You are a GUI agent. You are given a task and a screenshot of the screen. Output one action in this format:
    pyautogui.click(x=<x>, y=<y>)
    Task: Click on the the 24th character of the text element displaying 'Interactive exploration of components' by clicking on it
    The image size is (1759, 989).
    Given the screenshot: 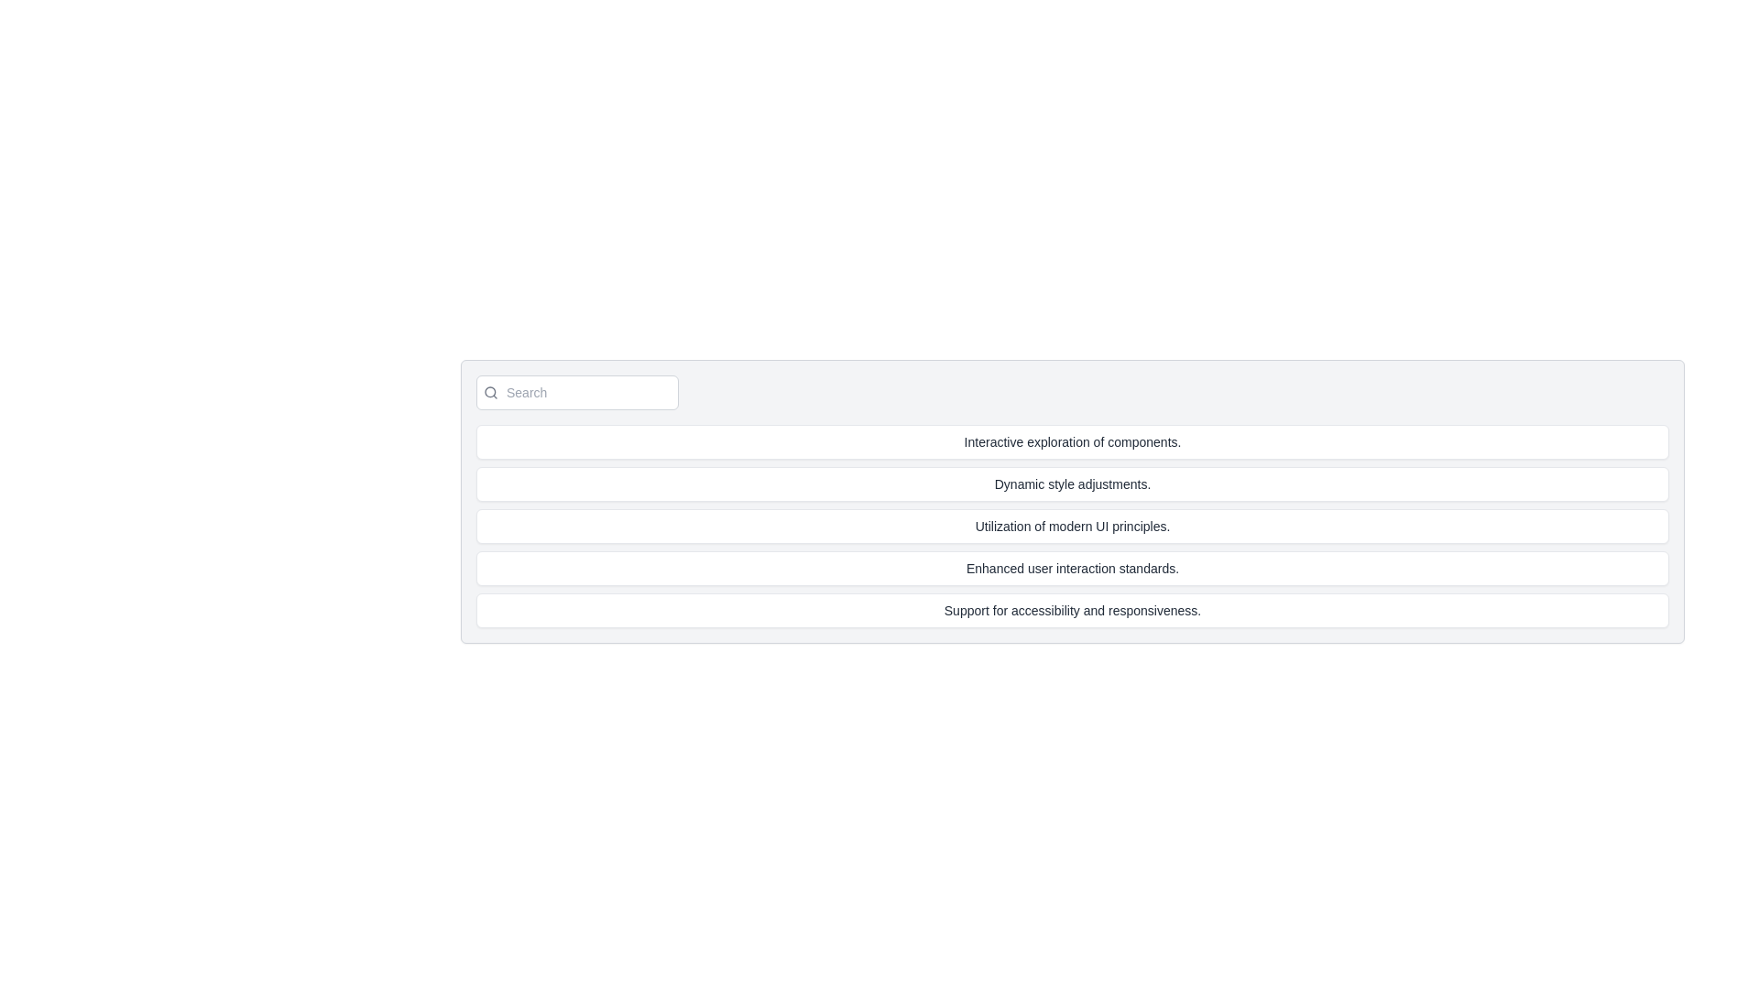 What is the action you would take?
    pyautogui.click(x=1101, y=441)
    